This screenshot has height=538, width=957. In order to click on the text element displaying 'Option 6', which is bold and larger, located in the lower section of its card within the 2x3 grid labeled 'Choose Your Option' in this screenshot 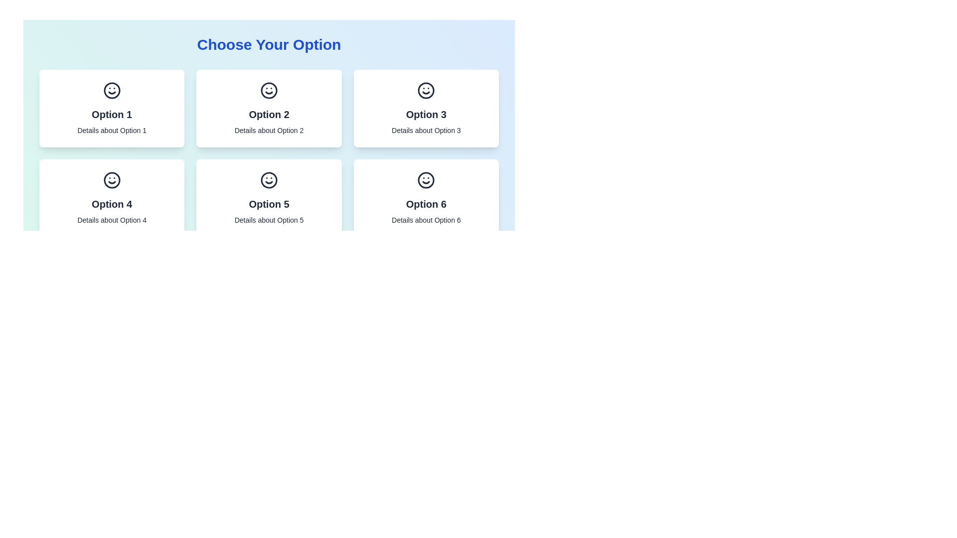, I will do `click(426, 203)`.